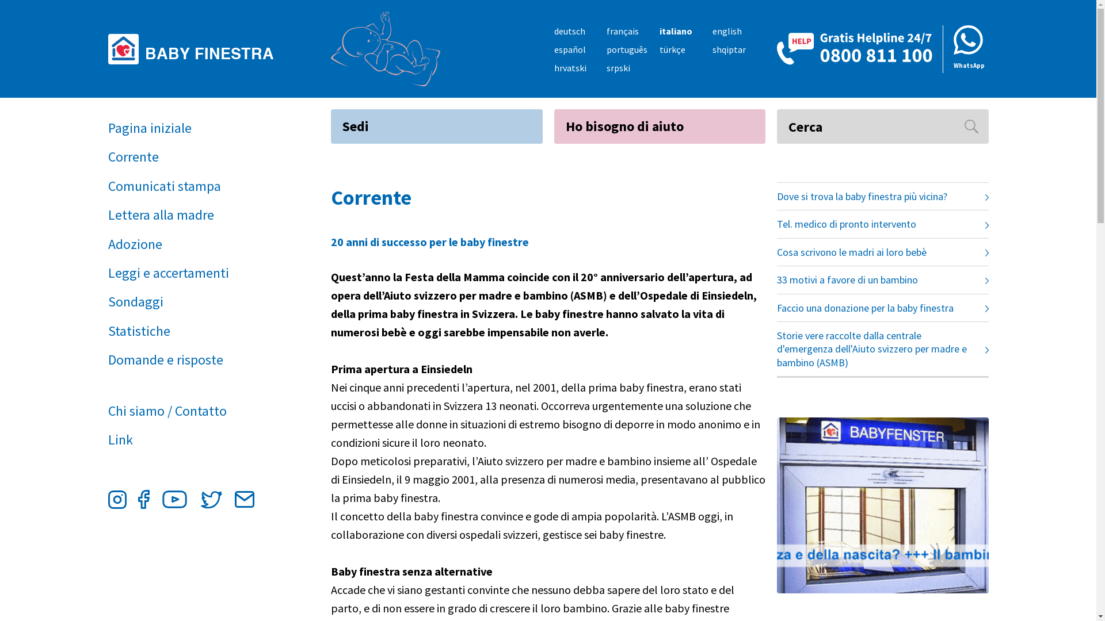 Image resolution: width=1105 pixels, height=621 pixels. Describe the element at coordinates (193, 439) in the screenshot. I see `'Link'` at that location.